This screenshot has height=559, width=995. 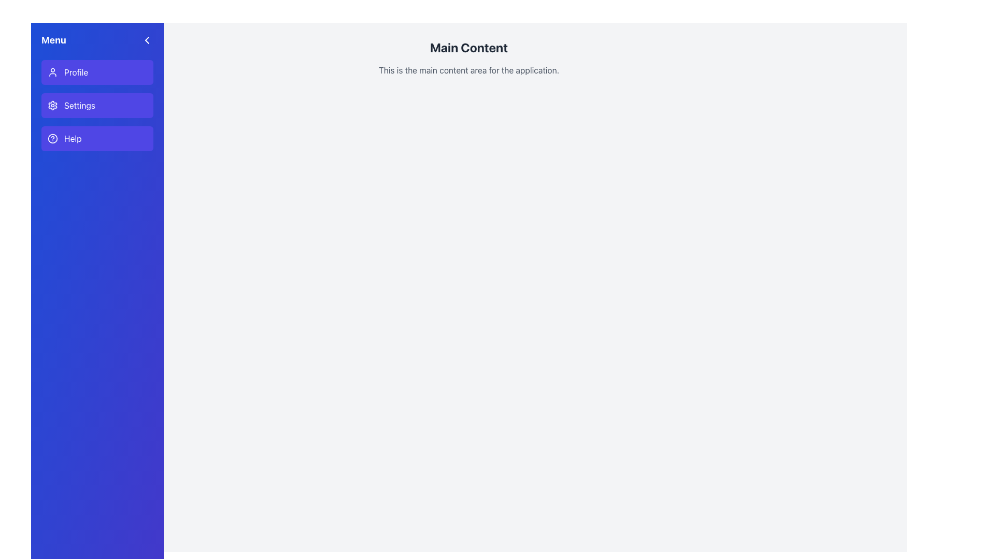 What do you see at coordinates (146, 39) in the screenshot?
I see `the left-facing chevron arrow icon located in the upper-right corner of the blue vertical sidebar` at bounding box center [146, 39].